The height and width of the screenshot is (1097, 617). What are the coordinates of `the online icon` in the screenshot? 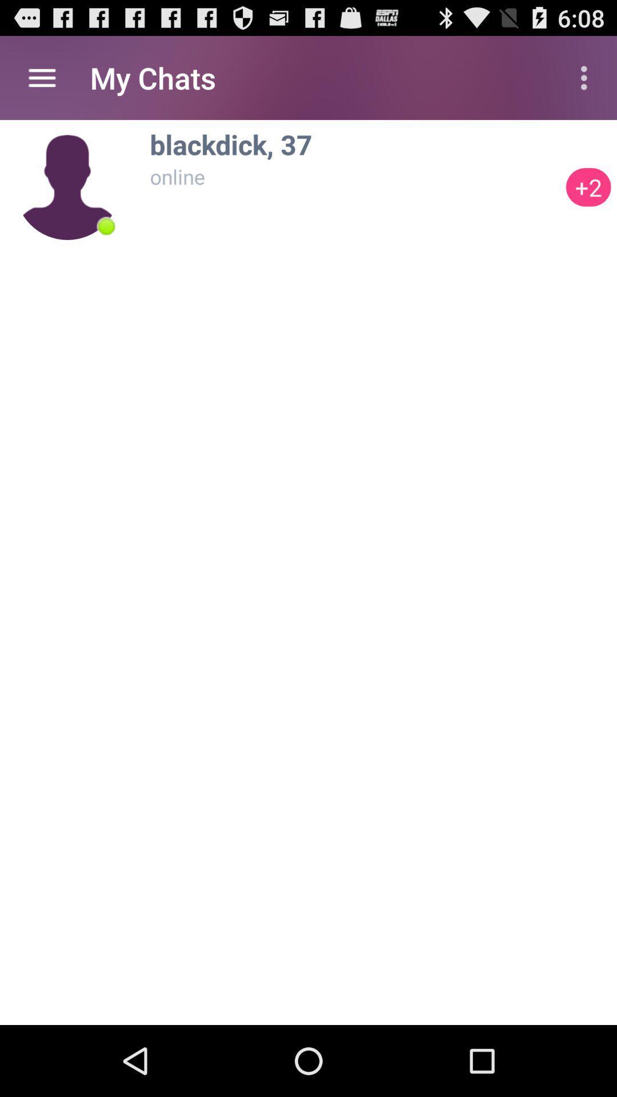 It's located at (354, 176).